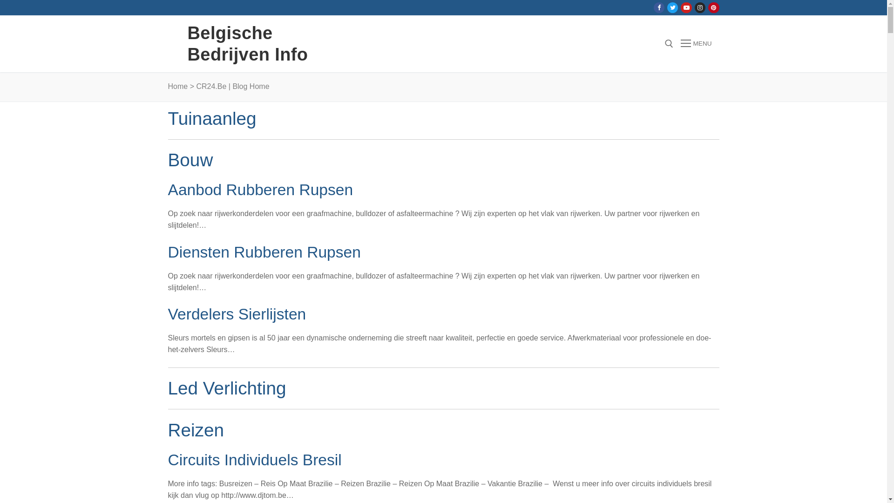 The image size is (894, 503). What do you see at coordinates (686, 7) in the screenshot?
I see `'Youtube'` at bounding box center [686, 7].